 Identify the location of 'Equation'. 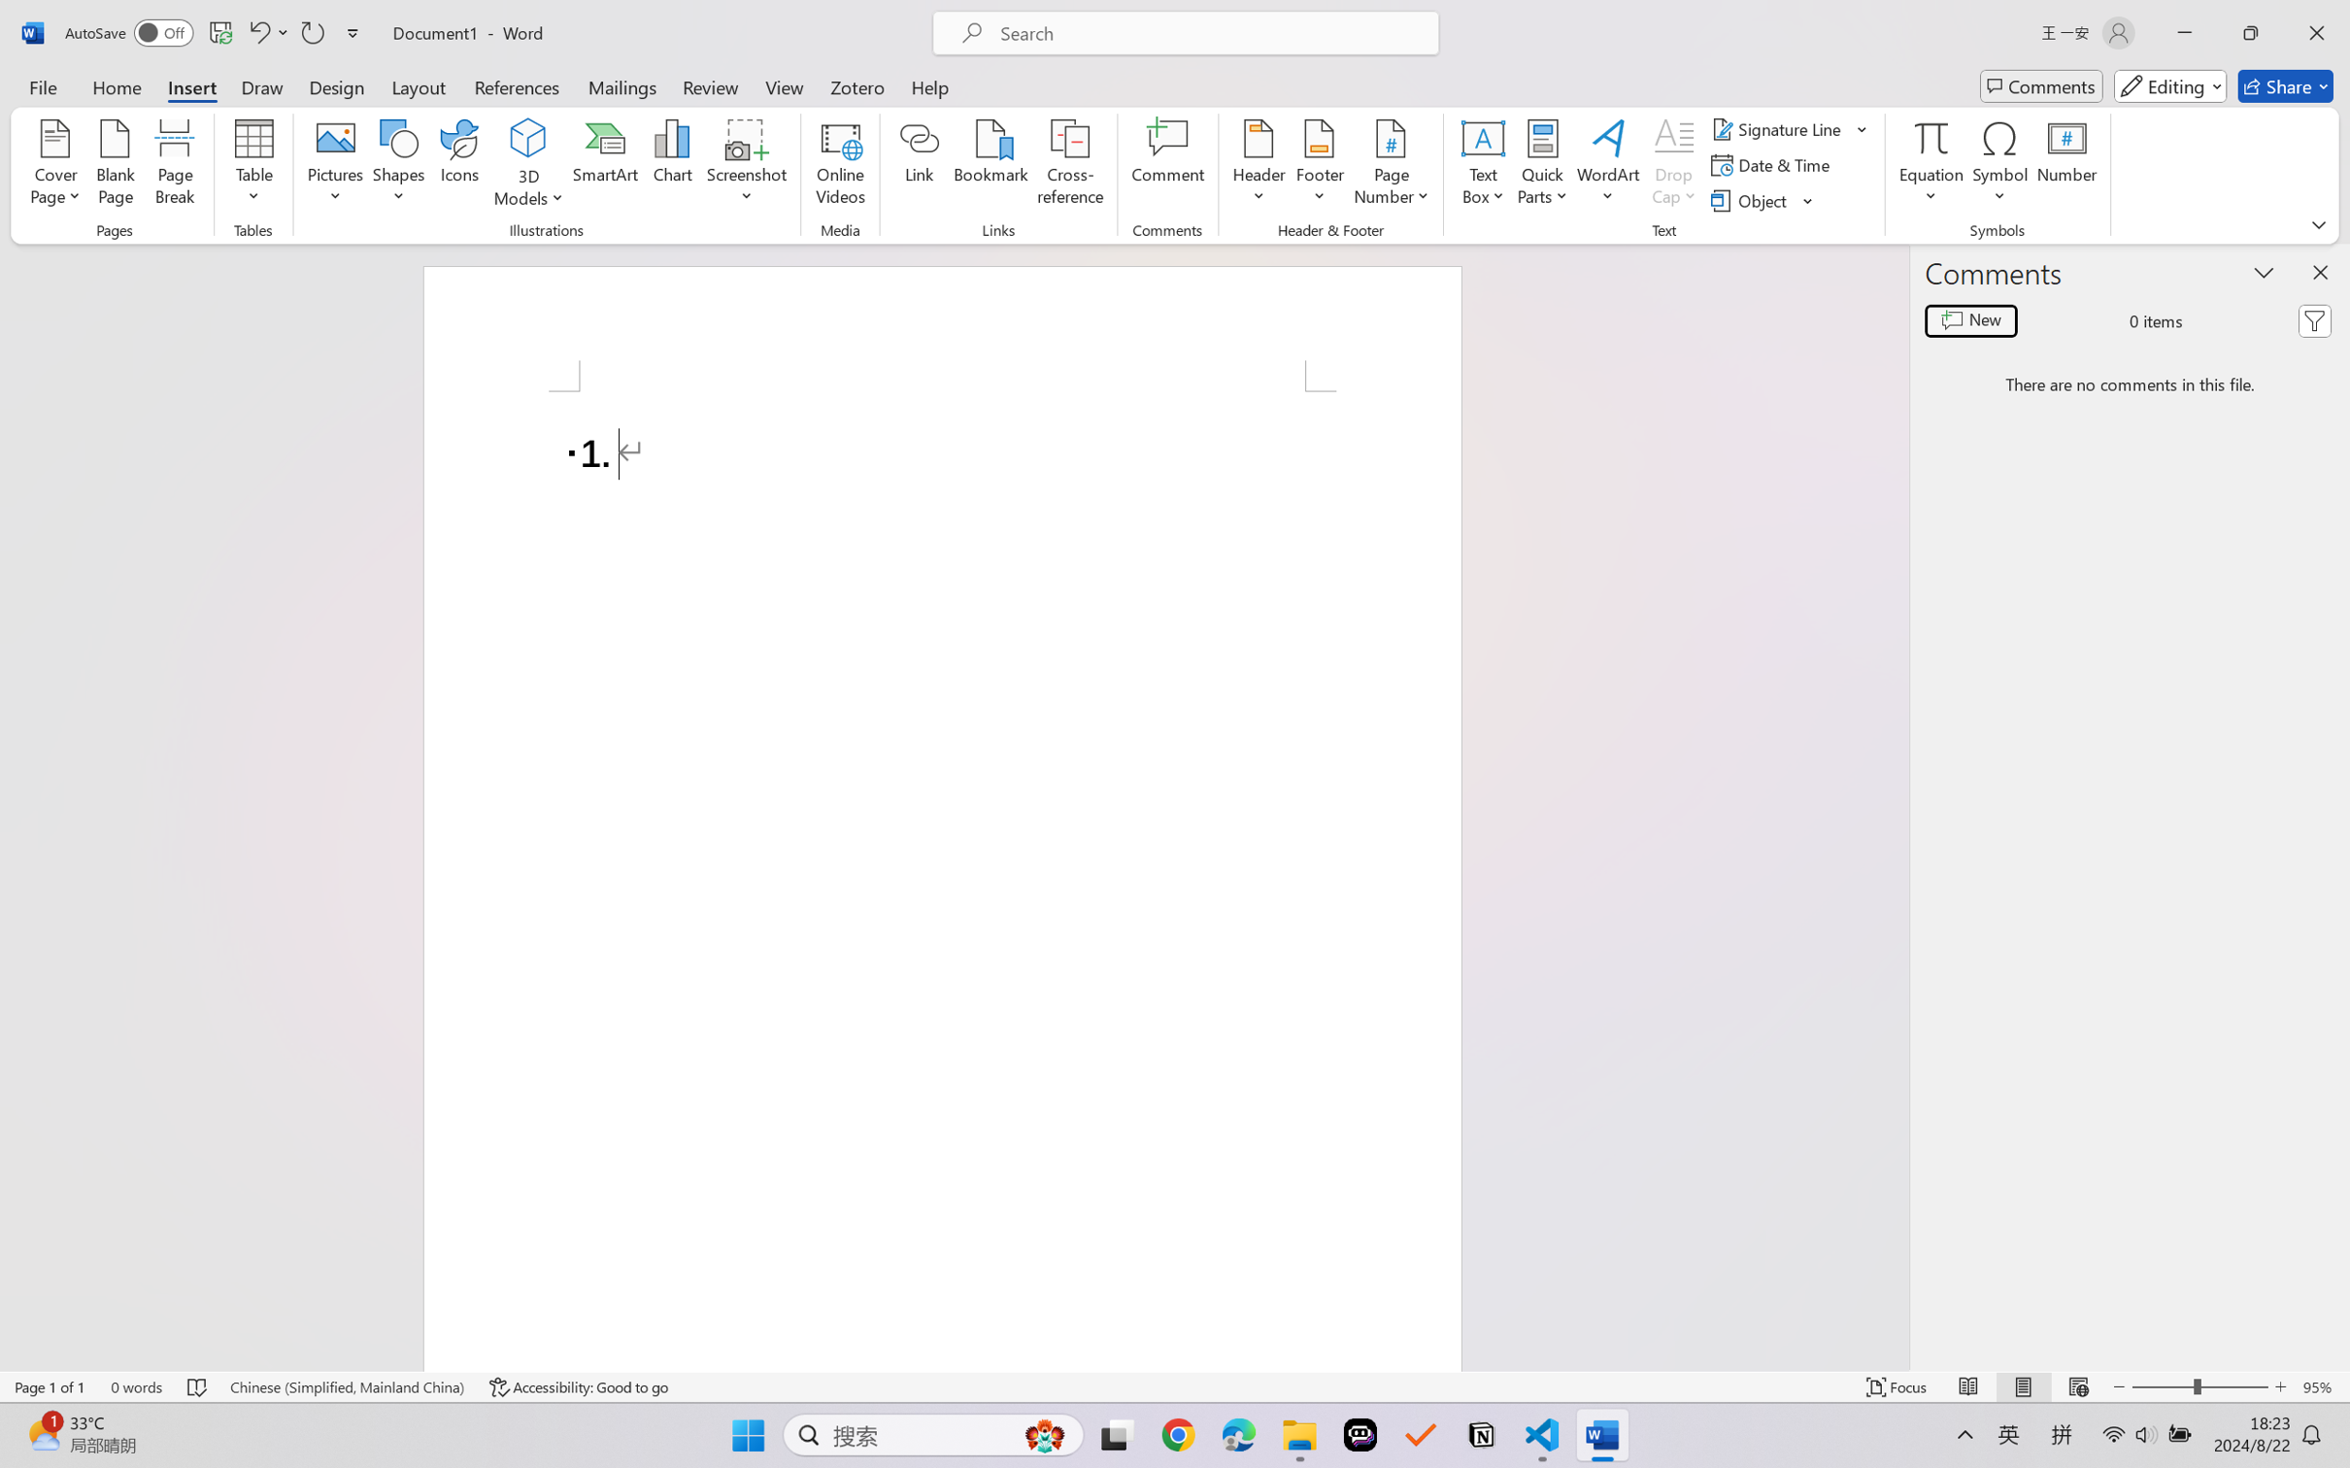
(1930, 137).